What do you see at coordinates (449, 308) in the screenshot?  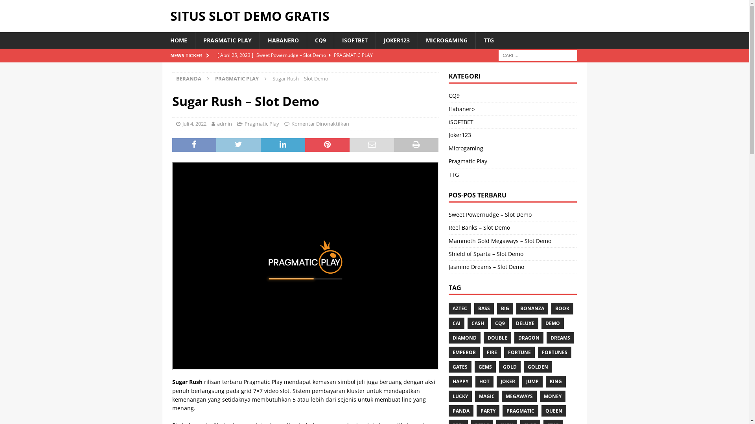 I see `'AZTEC'` at bounding box center [449, 308].